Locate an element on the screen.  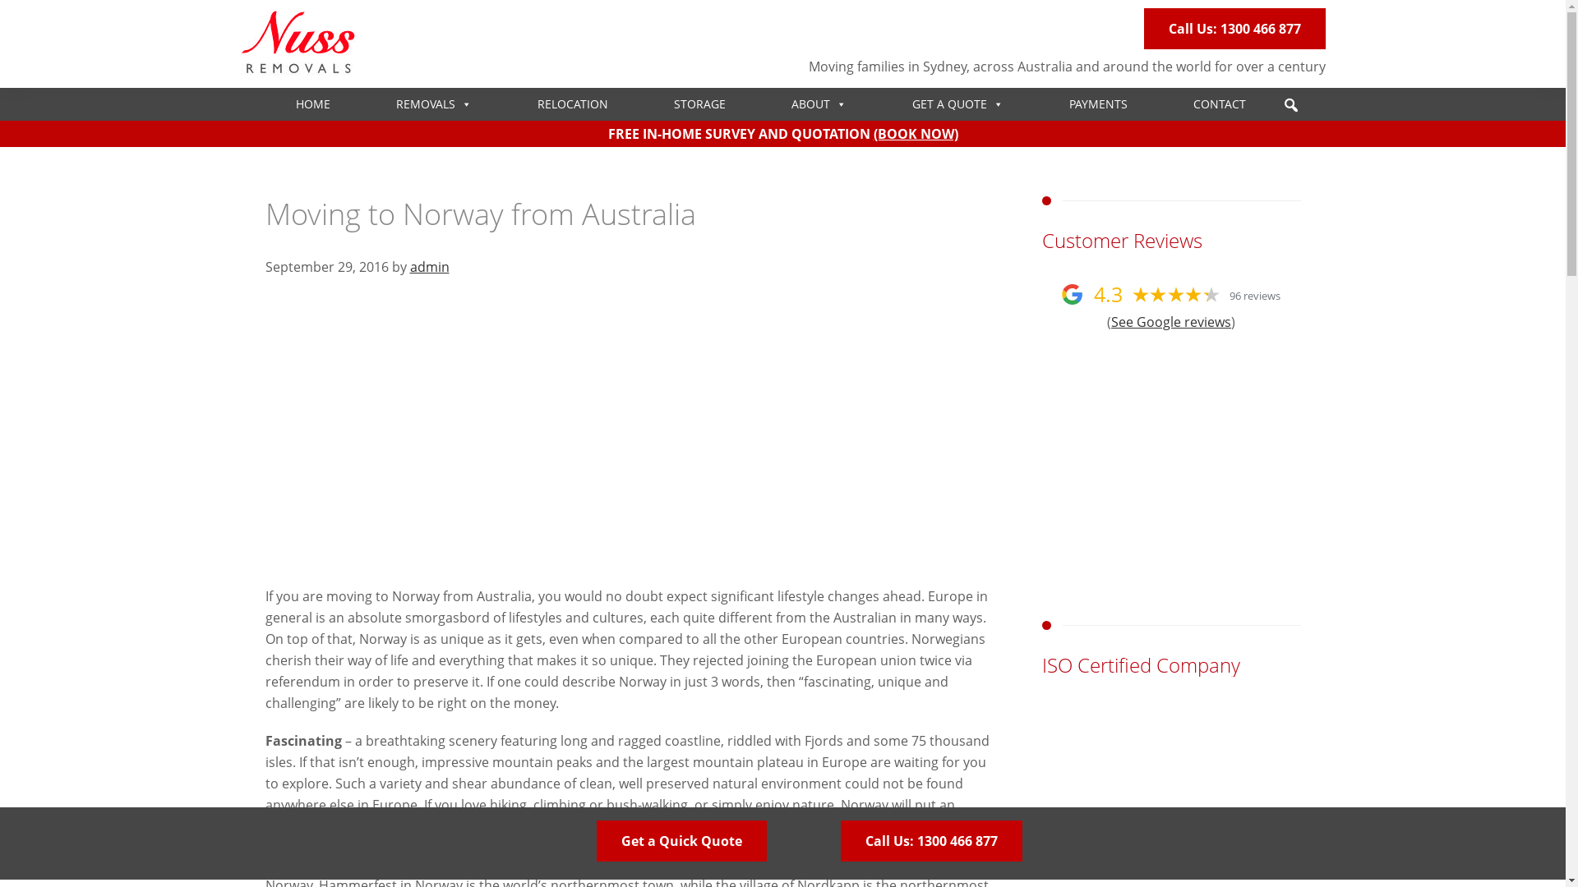
'Skip to primary navigation' is located at coordinates (0, 0).